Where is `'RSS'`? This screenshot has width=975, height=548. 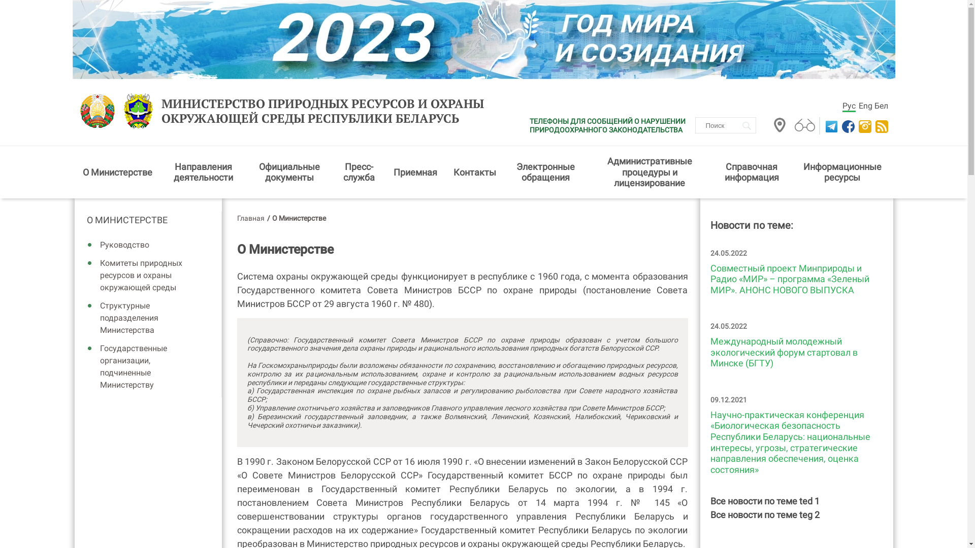 'RSS' is located at coordinates (881, 126).